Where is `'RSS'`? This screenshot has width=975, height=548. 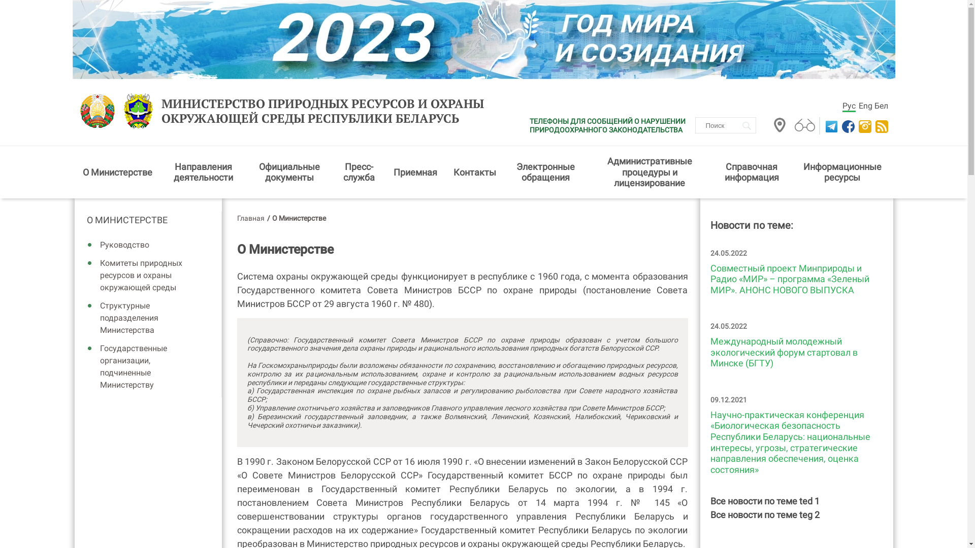 'RSS' is located at coordinates (881, 126).